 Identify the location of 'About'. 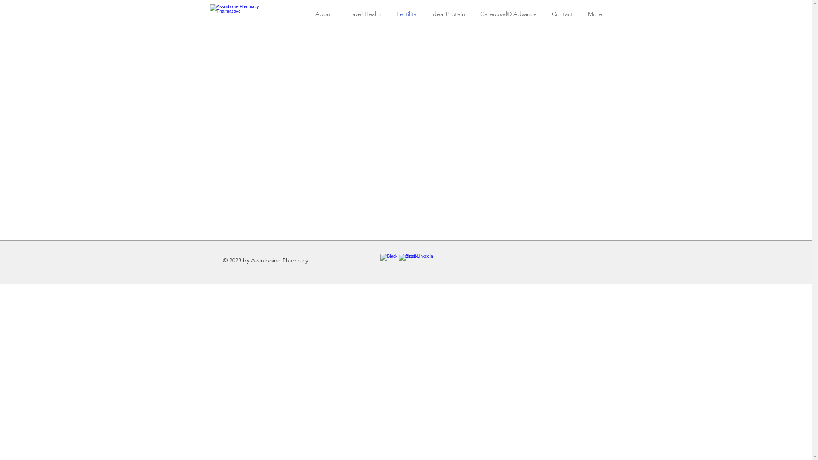
(323, 14).